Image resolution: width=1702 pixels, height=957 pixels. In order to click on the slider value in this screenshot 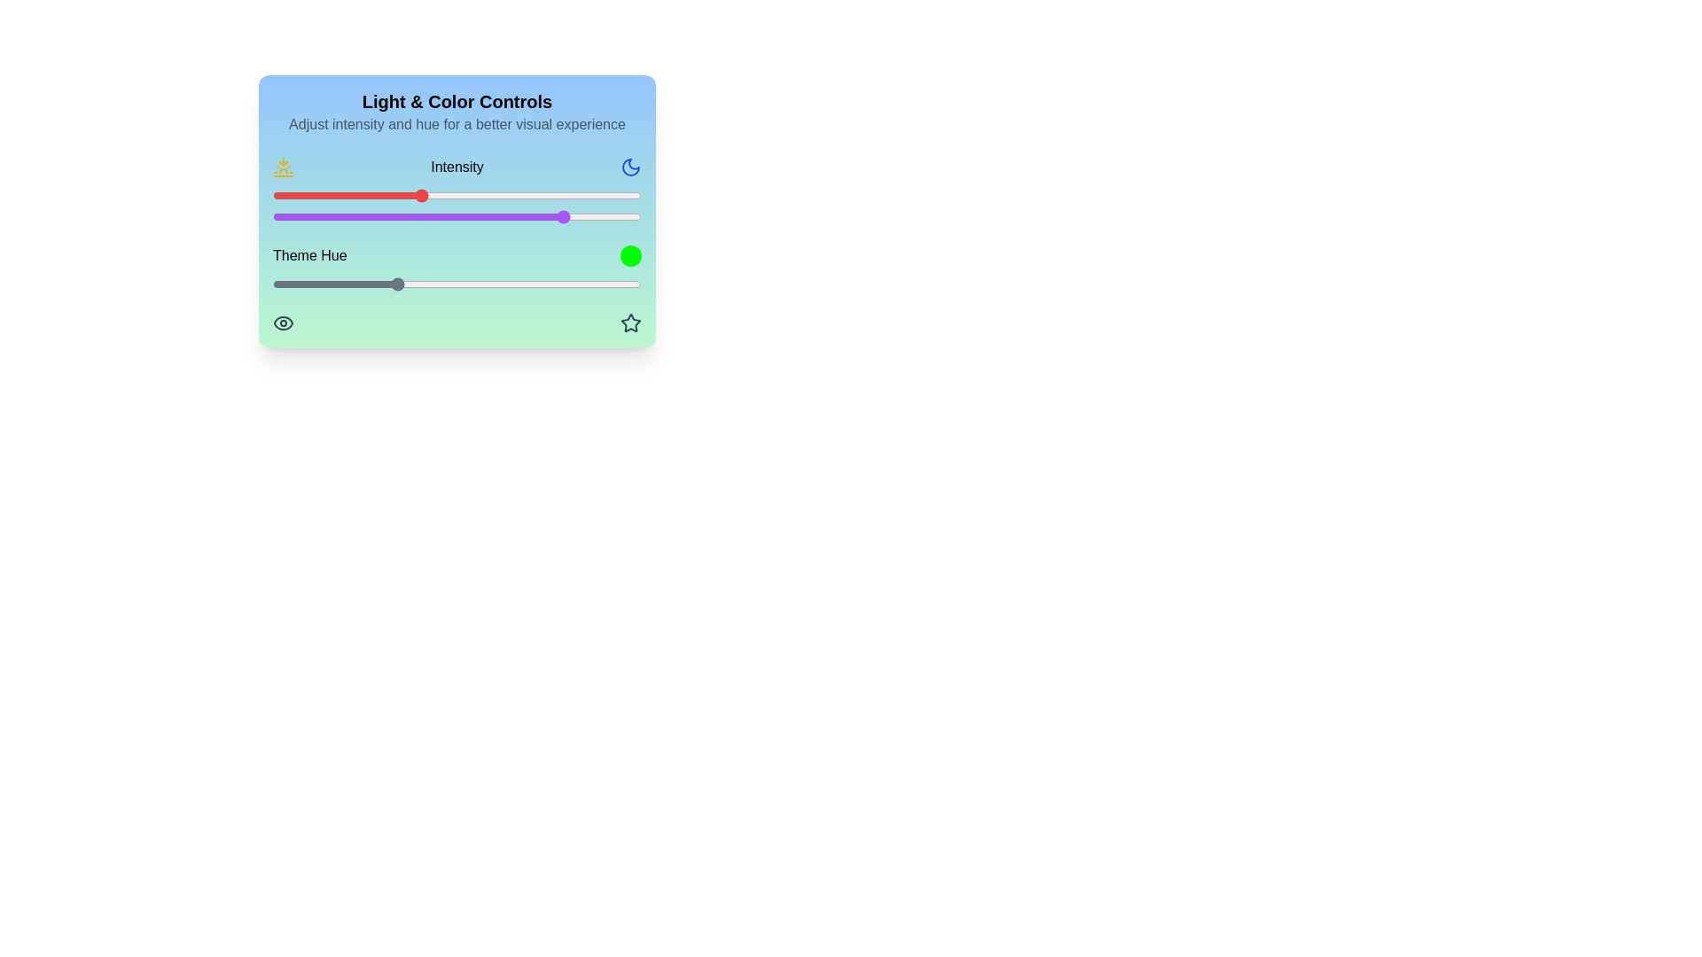, I will do `click(288, 283)`.